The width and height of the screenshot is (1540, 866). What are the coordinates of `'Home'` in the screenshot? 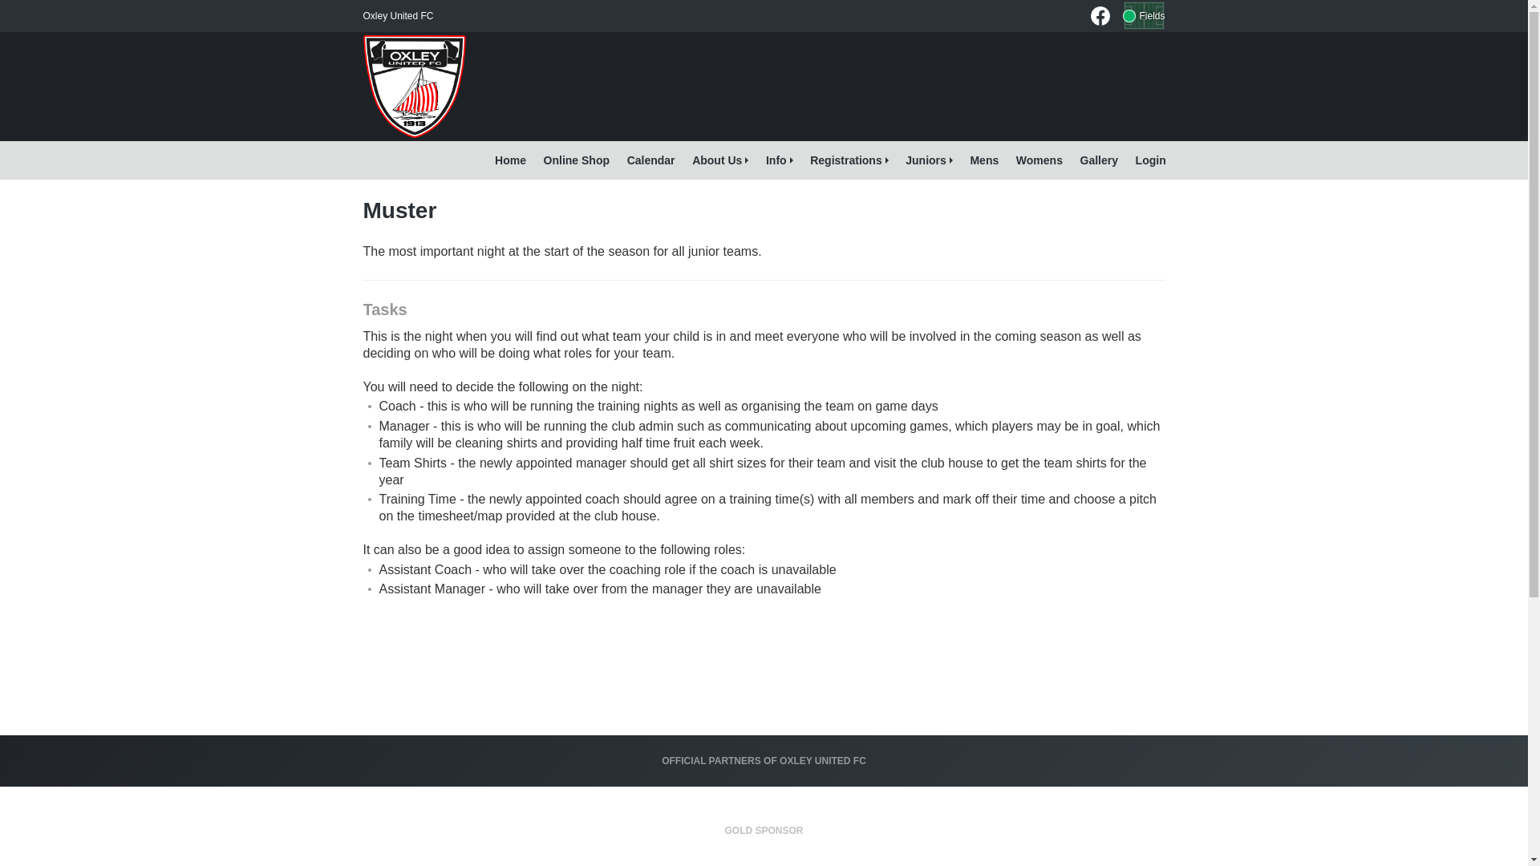 It's located at (509, 160).